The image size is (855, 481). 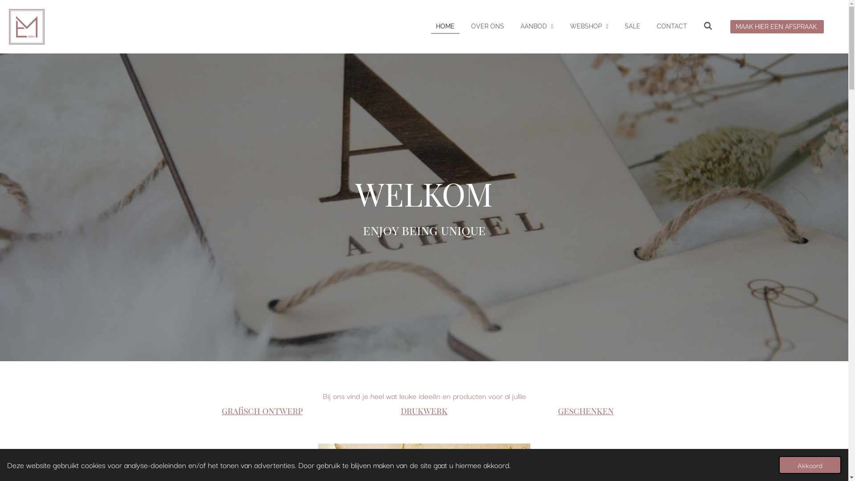 What do you see at coordinates (26, 26) in the screenshot?
I see `'atelier EM'` at bounding box center [26, 26].